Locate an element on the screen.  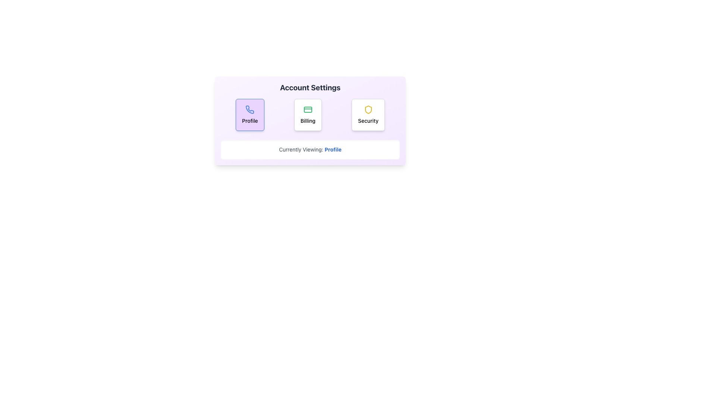
the 'Profile' button, which is the leftmost option among three labeled buttons is located at coordinates (250, 115).